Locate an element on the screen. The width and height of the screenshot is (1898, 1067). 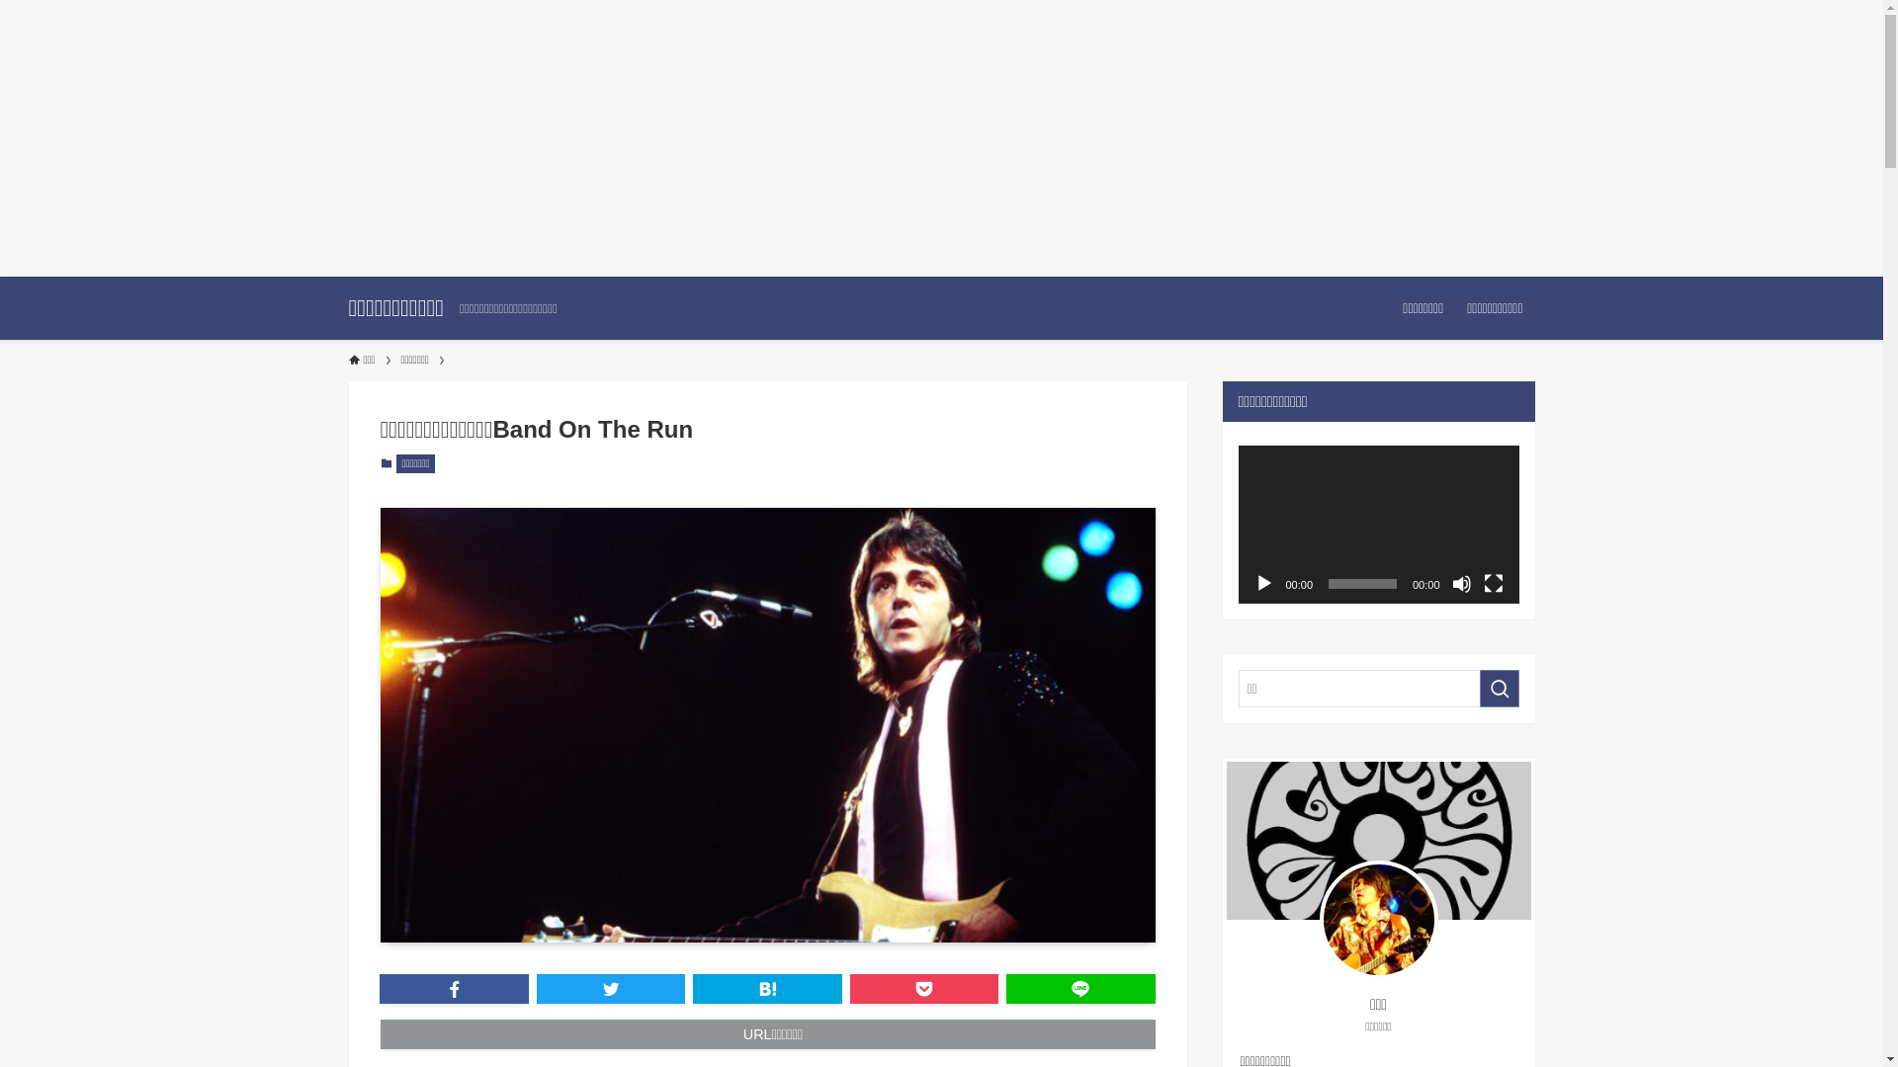
'search' is located at coordinates (1499, 688).